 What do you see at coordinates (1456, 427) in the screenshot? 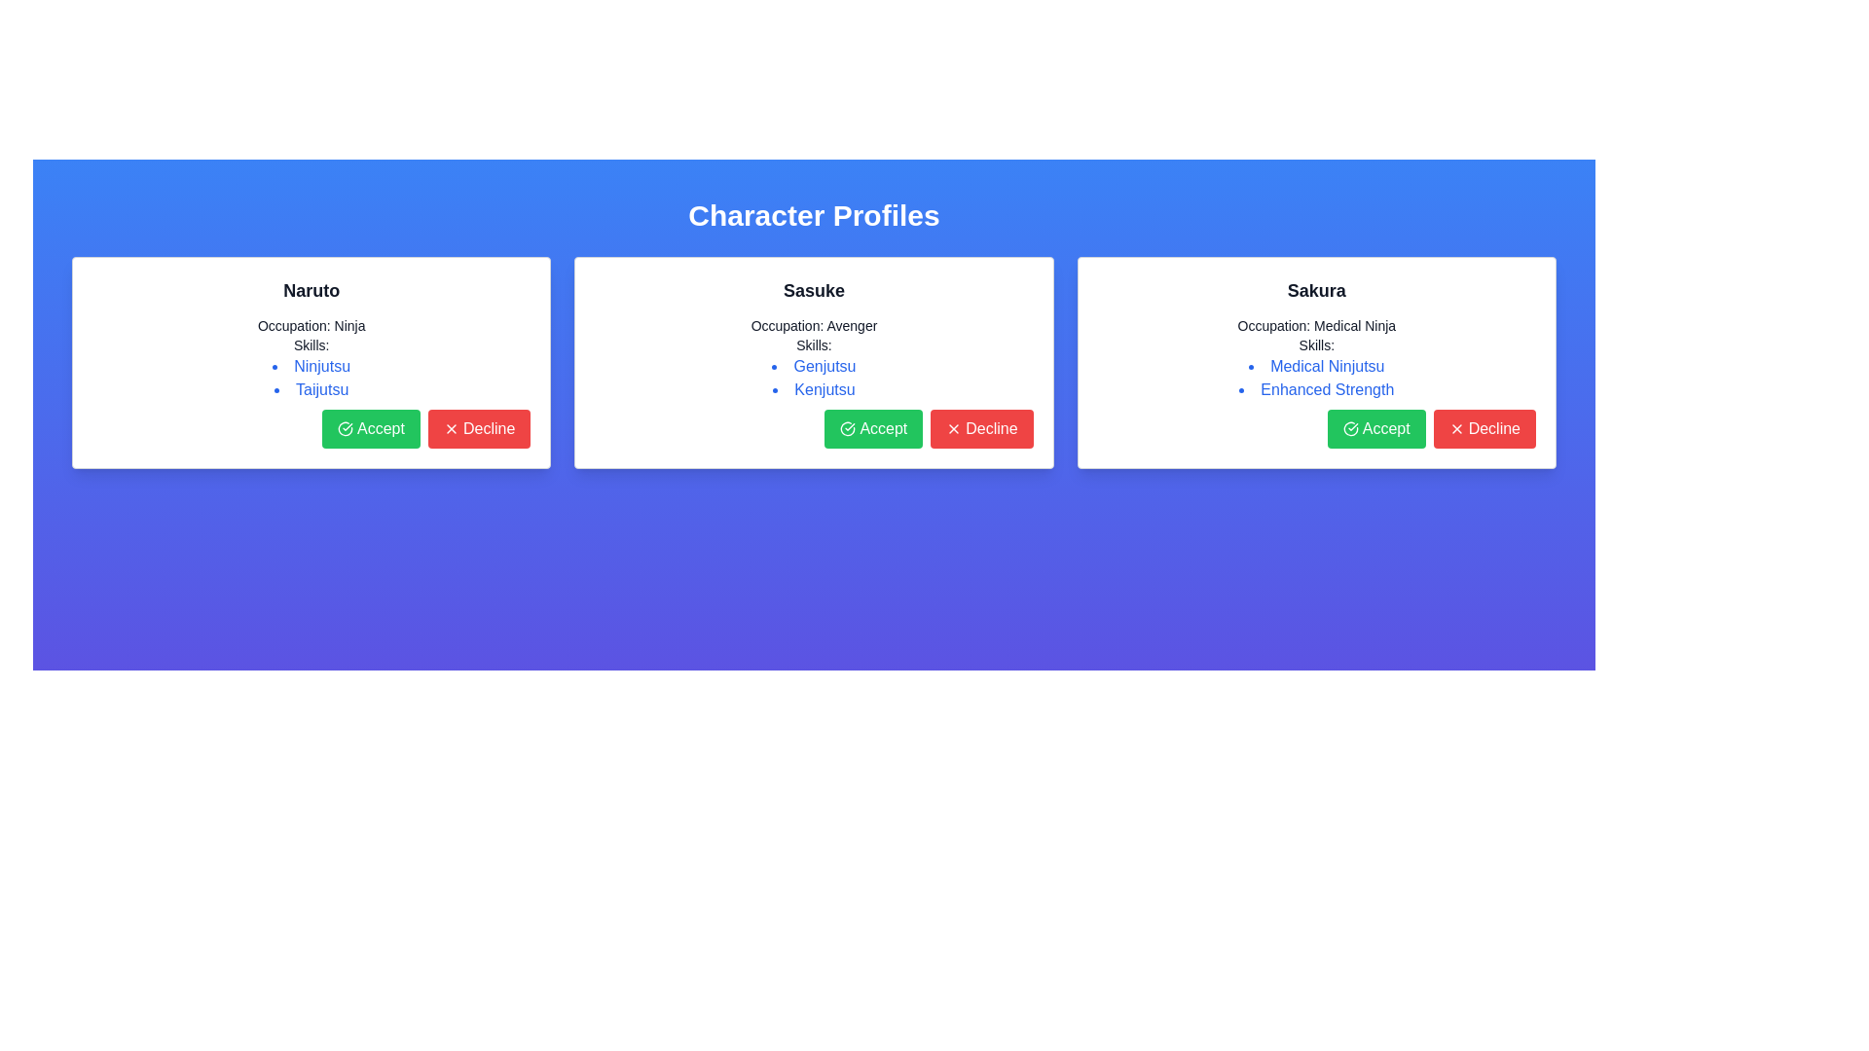
I see `the small, red 'X' icon that is styled with sharp corners and is located to the left of the 'Decline' button` at bounding box center [1456, 427].